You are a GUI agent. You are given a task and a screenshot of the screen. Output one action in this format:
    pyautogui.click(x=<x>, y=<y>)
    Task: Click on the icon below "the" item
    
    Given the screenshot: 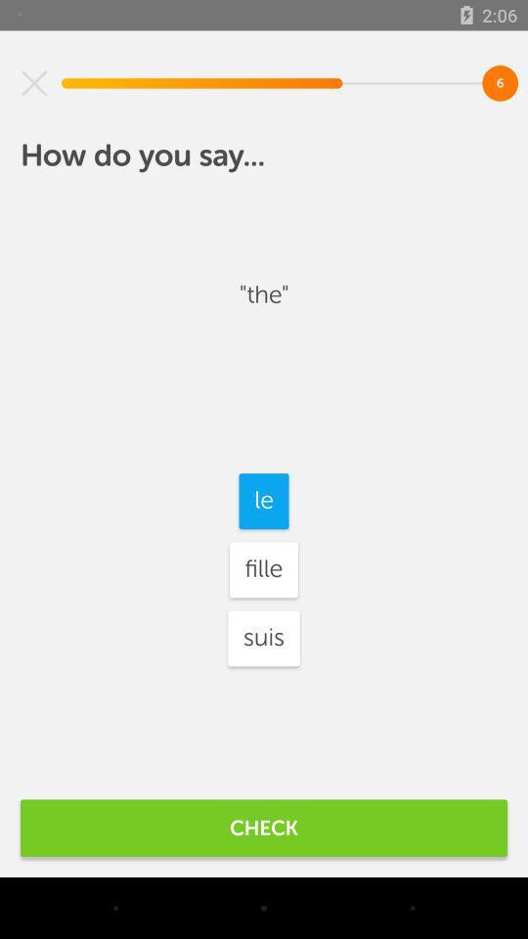 What is the action you would take?
    pyautogui.click(x=264, y=500)
    